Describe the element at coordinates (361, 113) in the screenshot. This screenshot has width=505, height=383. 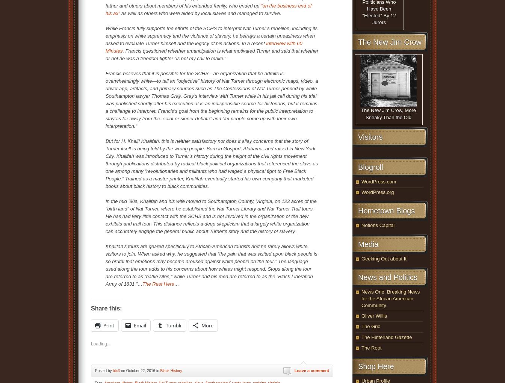
I see `'The New Jim Crow, More Sneaky Than the Old'` at that location.